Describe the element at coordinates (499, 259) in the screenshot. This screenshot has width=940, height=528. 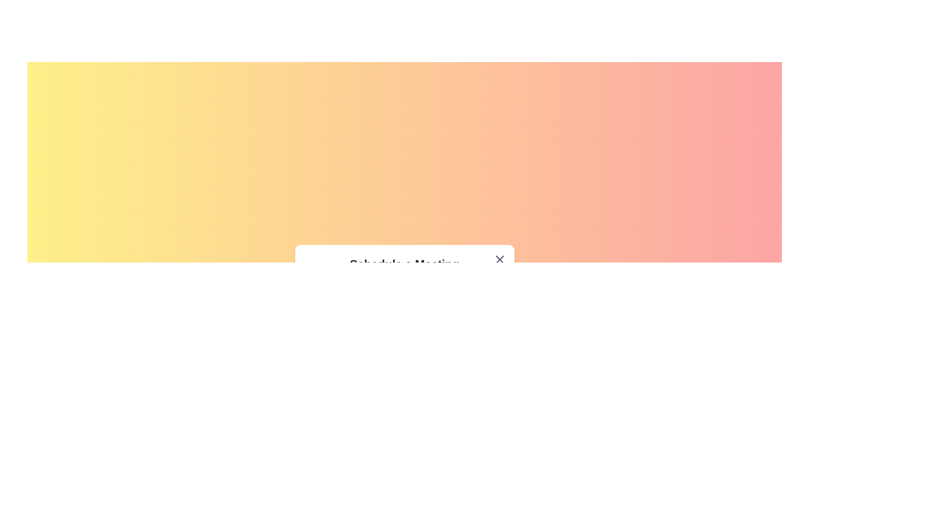
I see `the close button to close the dialog` at that location.